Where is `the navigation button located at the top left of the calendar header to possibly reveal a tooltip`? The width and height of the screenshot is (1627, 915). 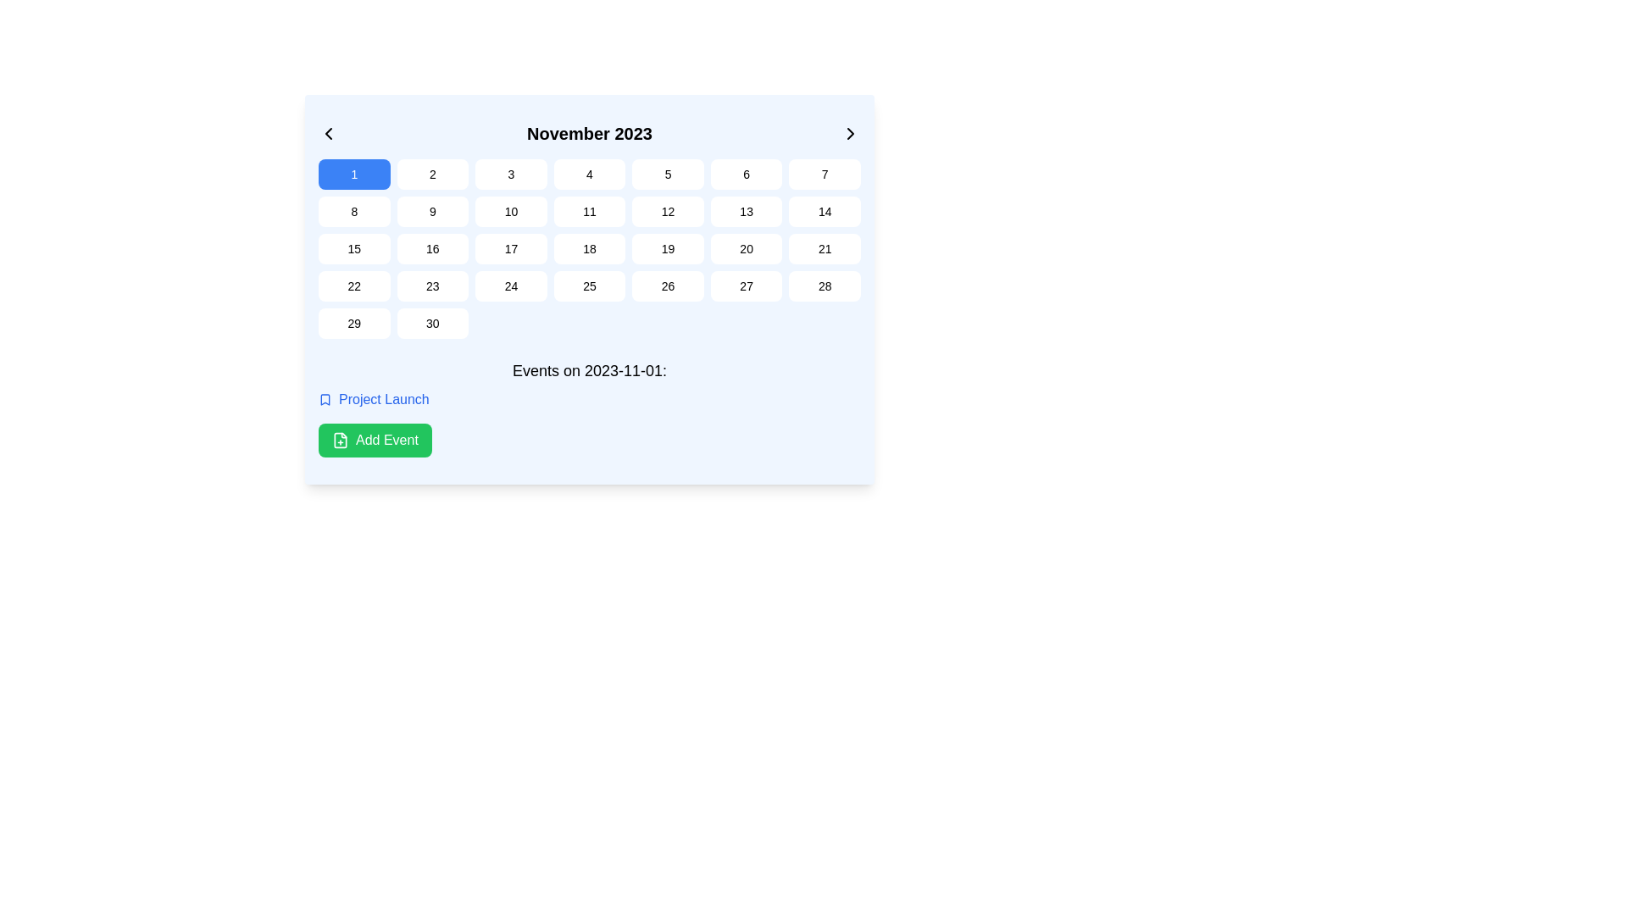 the navigation button located at the top left of the calendar header to possibly reveal a tooltip is located at coordinates (329, 133).